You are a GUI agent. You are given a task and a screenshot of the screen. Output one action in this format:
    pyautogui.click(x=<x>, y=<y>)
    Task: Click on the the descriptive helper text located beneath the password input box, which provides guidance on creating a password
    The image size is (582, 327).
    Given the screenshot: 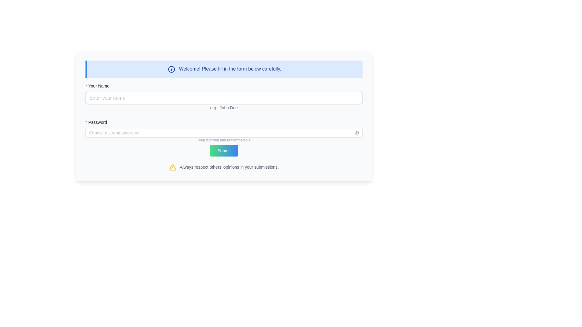 What is the action you would take?
    pyautogui.click(x=224, y=136)
    